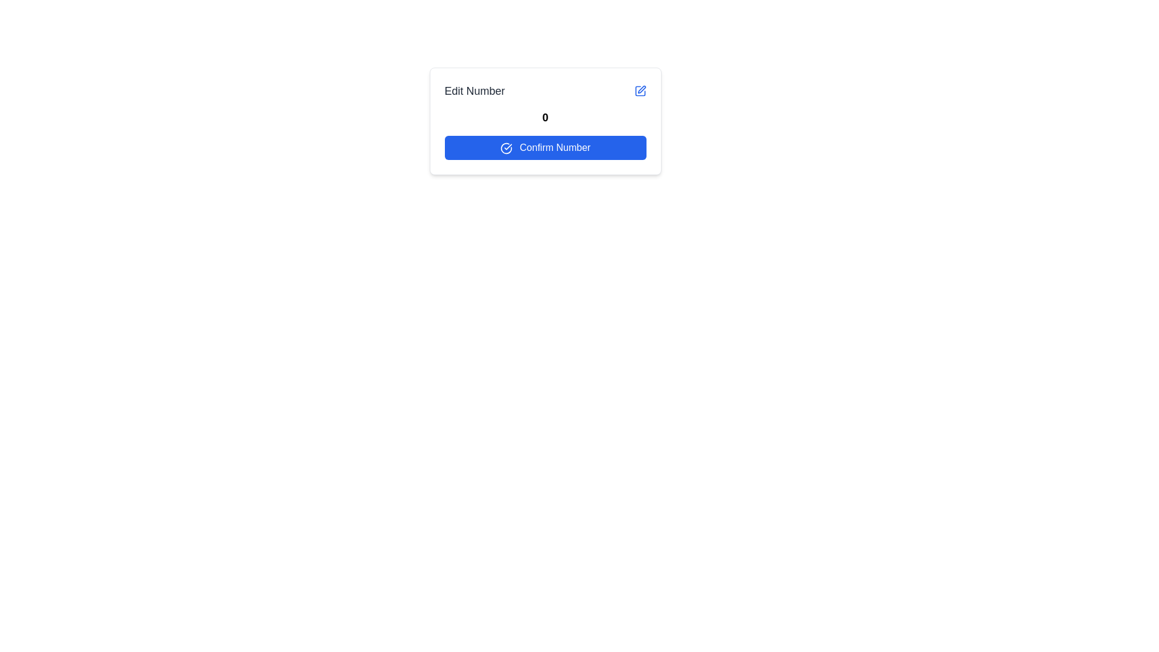 The image size is (1159, 652). What do you see at coordinates (639, 90) in the screenshot?
I see `the interactive icon button located at the top-right corner of the 'Edit Number' card` at bounding box center [639, 90].